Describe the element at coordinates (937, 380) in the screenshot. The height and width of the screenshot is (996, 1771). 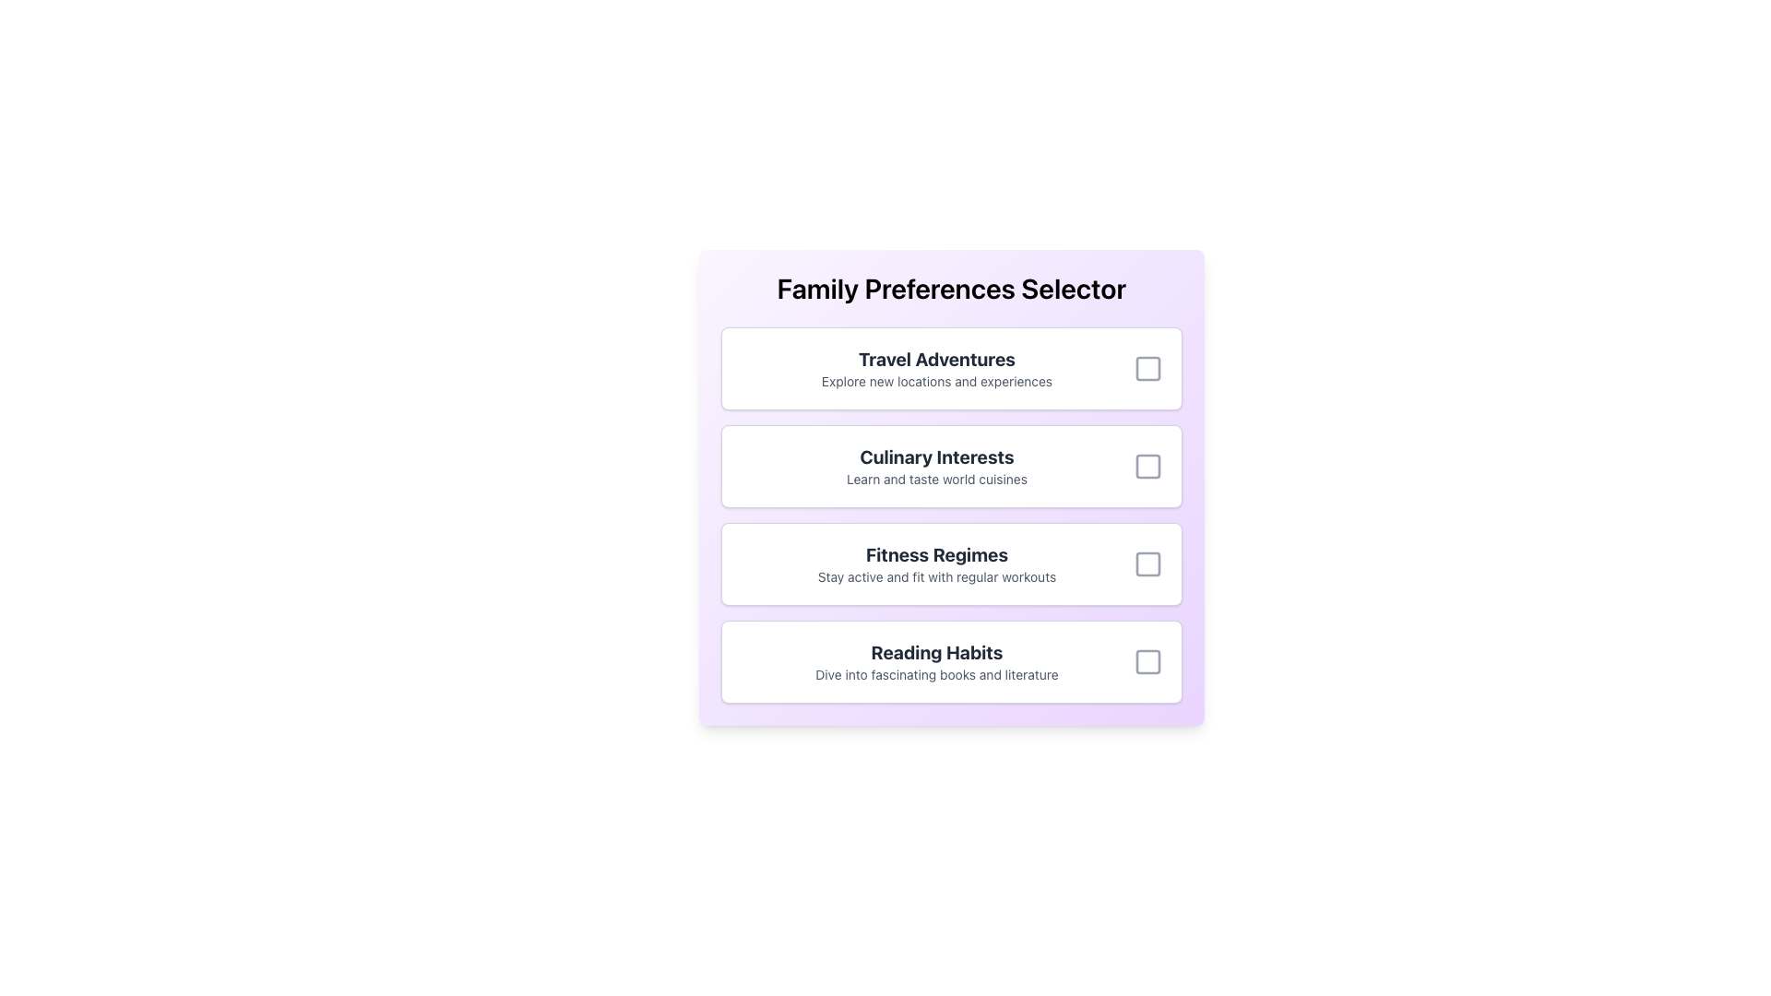
I see `the static text element providing contextual details for the title 'Travel Adventures'` at that location.